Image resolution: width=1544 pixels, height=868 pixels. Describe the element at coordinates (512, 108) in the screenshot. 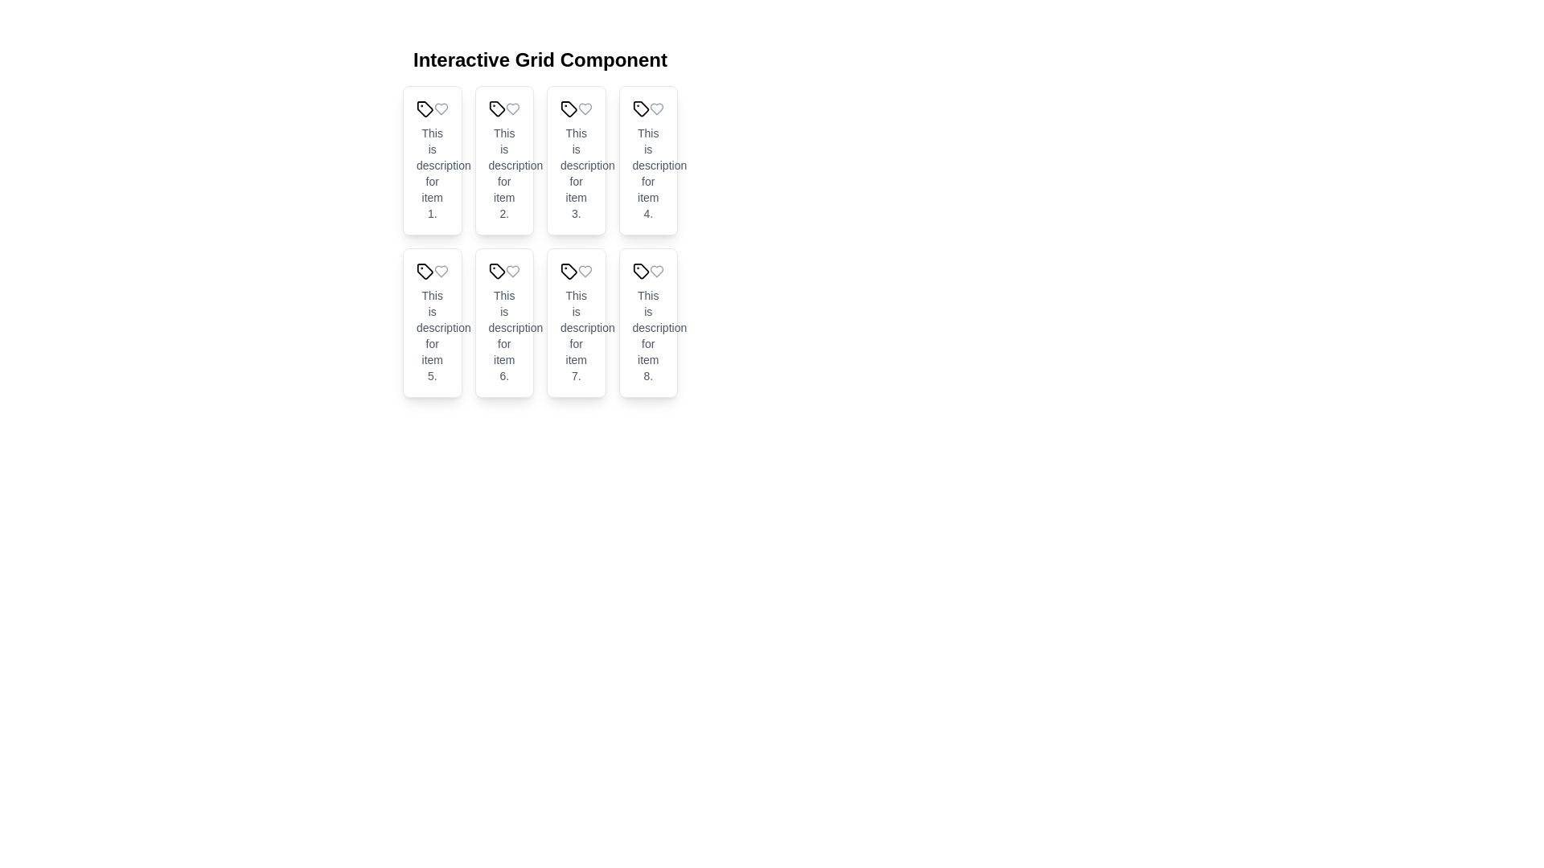

I see `the heart icon in the second column of the top row within the grid layout, located below the title 'Interactive Grid Component'` at that location.